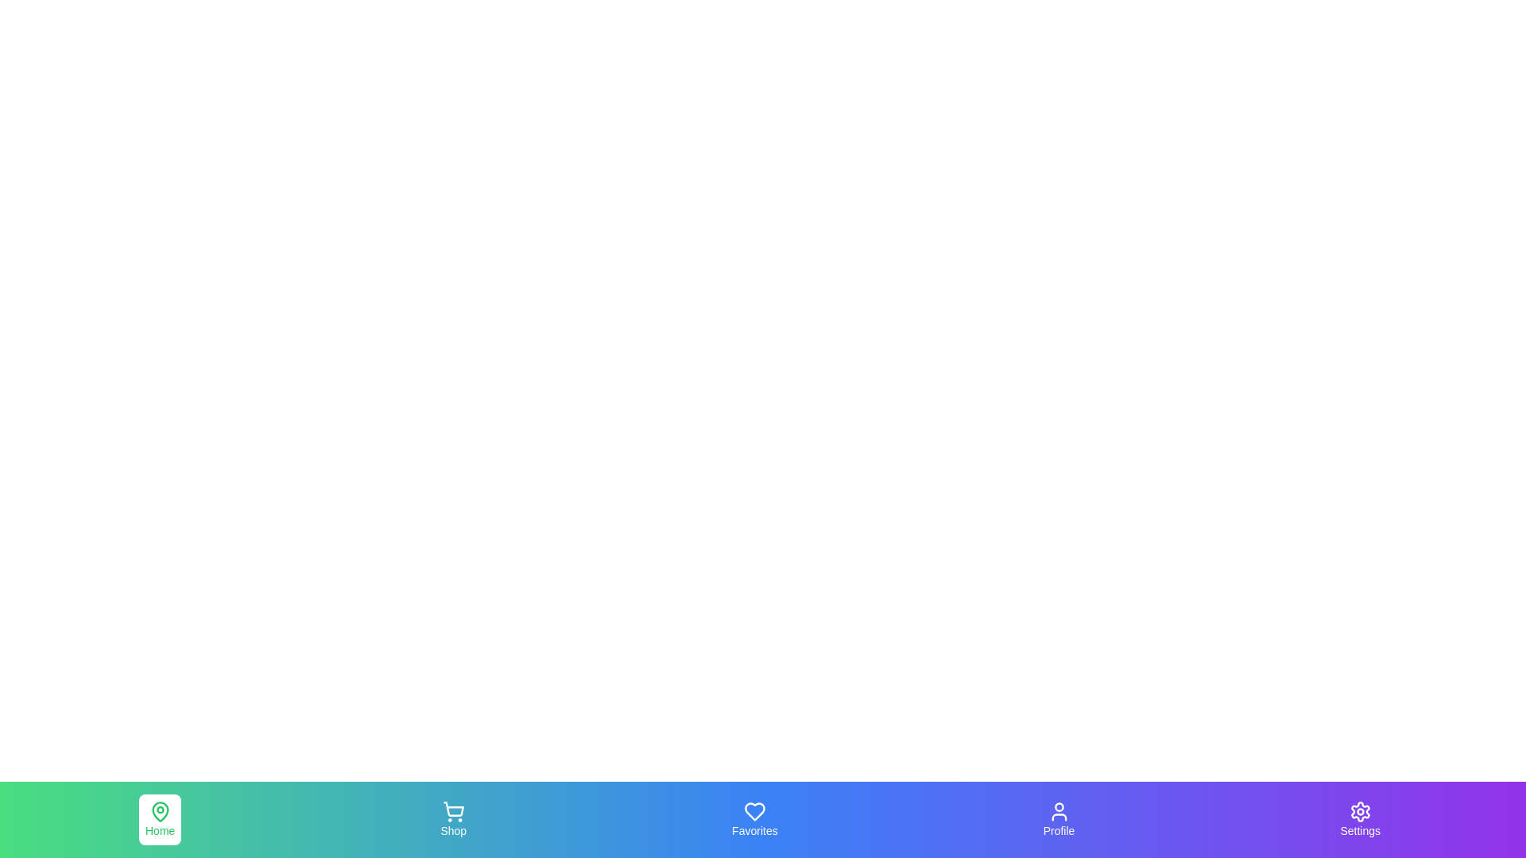 This screenshot has width=1526, height=858. Describe the element at coordinates (753, 820) in the screenshot. I see `the tab icon for Favorites for visual inspection` at that location.